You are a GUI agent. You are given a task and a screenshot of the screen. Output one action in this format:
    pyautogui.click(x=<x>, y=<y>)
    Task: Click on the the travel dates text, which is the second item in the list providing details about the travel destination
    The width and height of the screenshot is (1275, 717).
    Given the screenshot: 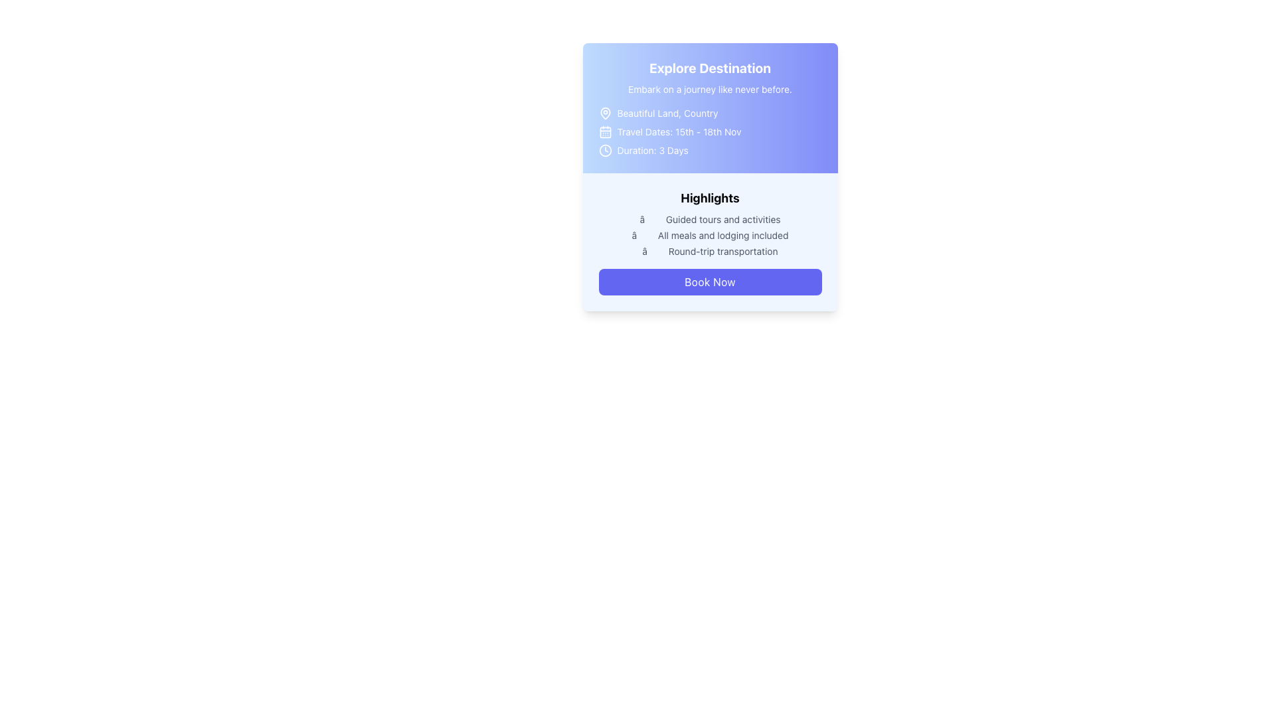 What is the action you would take?
    pyautogui.click(x=679, y=132)
    